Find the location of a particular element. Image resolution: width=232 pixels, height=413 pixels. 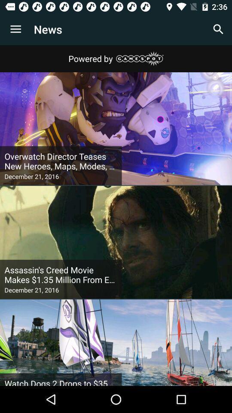

the overwatch director teases icon is located at coordinates (60, 161).